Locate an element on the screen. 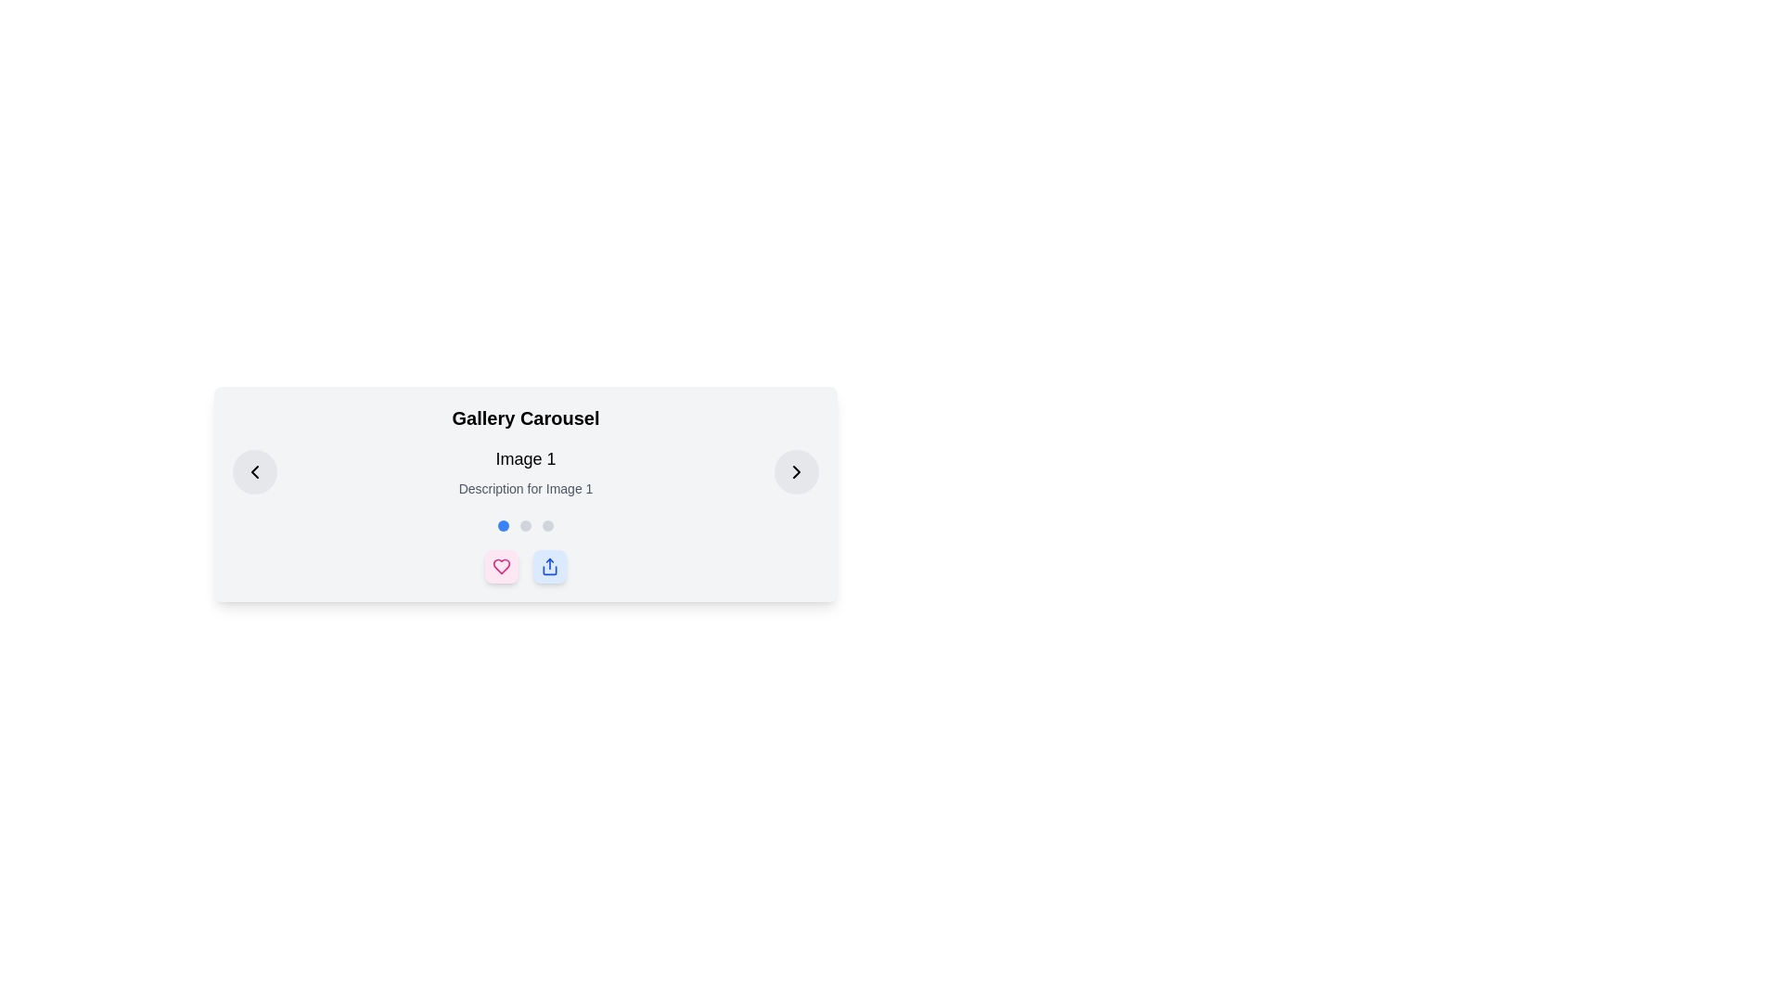  the circular button containing the left-facing chevron icon is located at coordinates (253, 471).